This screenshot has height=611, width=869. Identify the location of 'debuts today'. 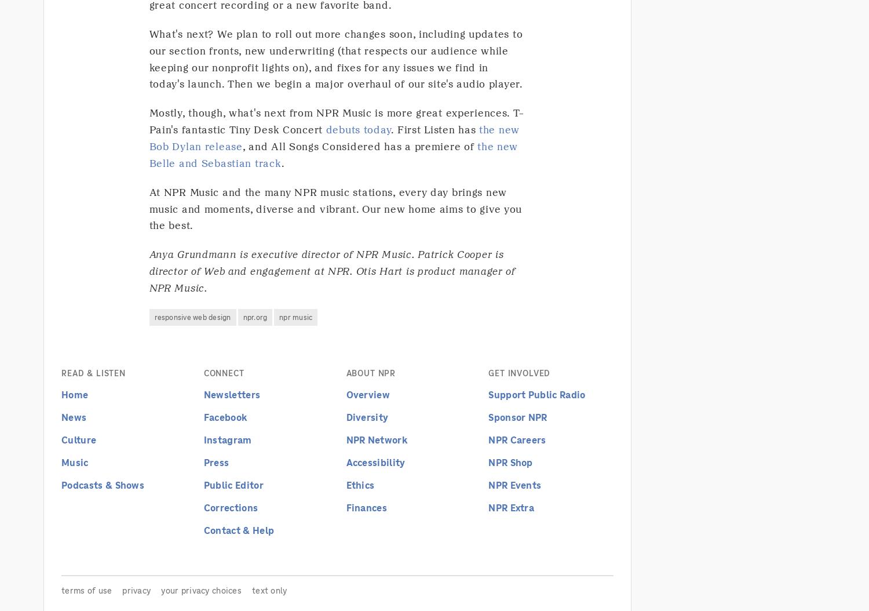
(357, 129).